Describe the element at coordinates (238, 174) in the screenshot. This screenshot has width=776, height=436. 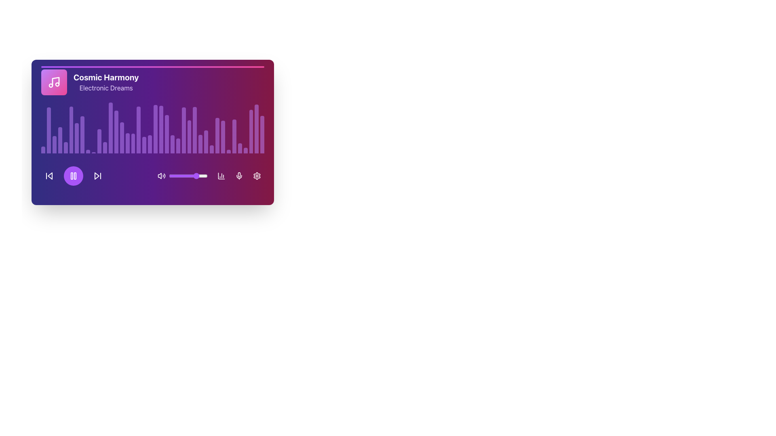
I see `the microphone icon located in the bottom-right section of the card interface` at that location.